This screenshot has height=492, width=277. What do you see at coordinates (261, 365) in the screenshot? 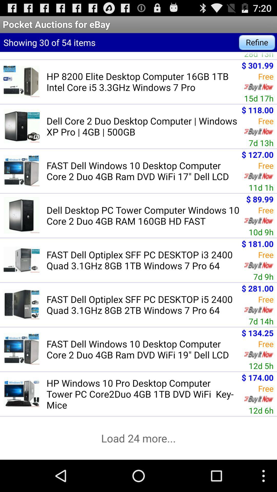
I see `12d 5h app` at bounding box center [261, 365].